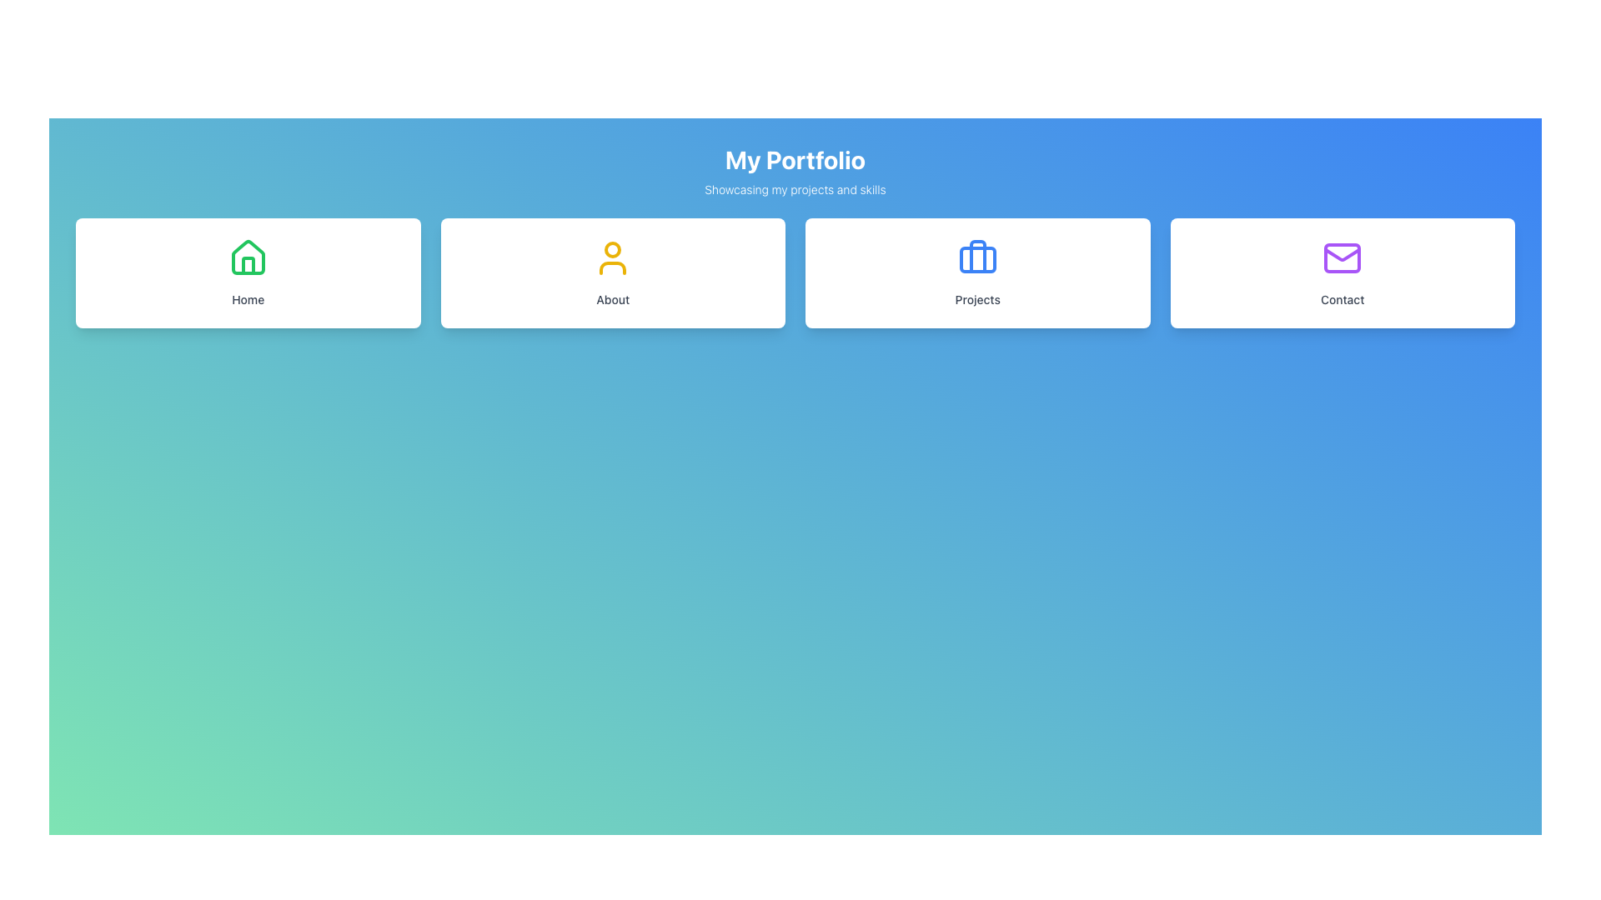  Describe the element at coordinates (1343, 254) in the screenshot. I see `the triangular flap of the envelope icon in the 'Contact' card, which is the fourth card under the 'My Portfolio' heading` at that location.